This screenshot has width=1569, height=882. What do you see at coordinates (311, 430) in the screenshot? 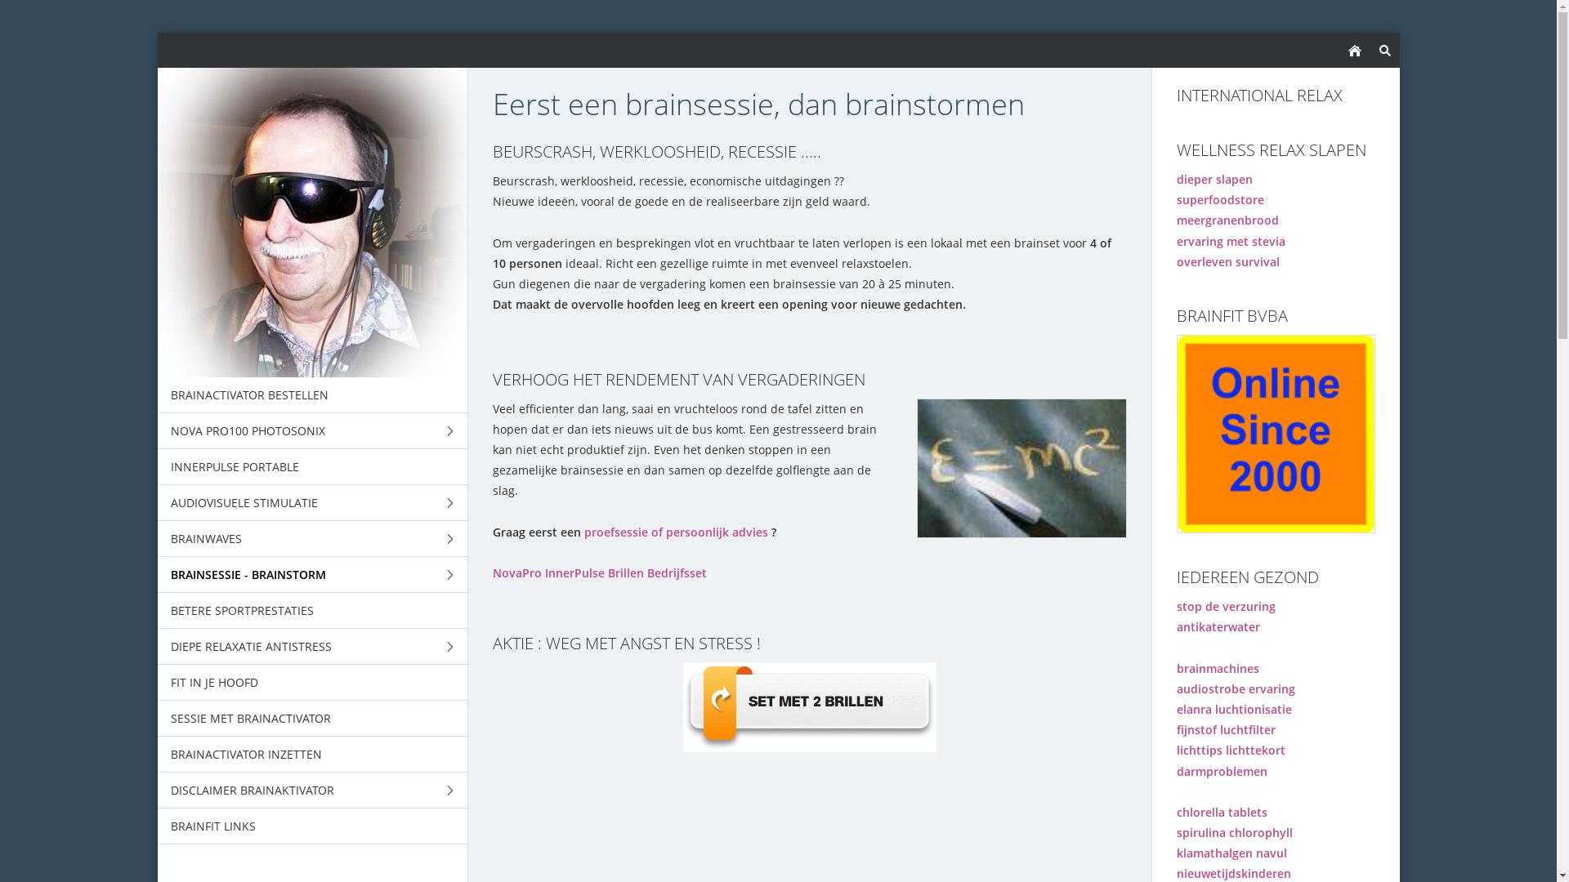
I see `'NOVA PRO100 PHOTOSONIX'` at bounding box center [311, 430].